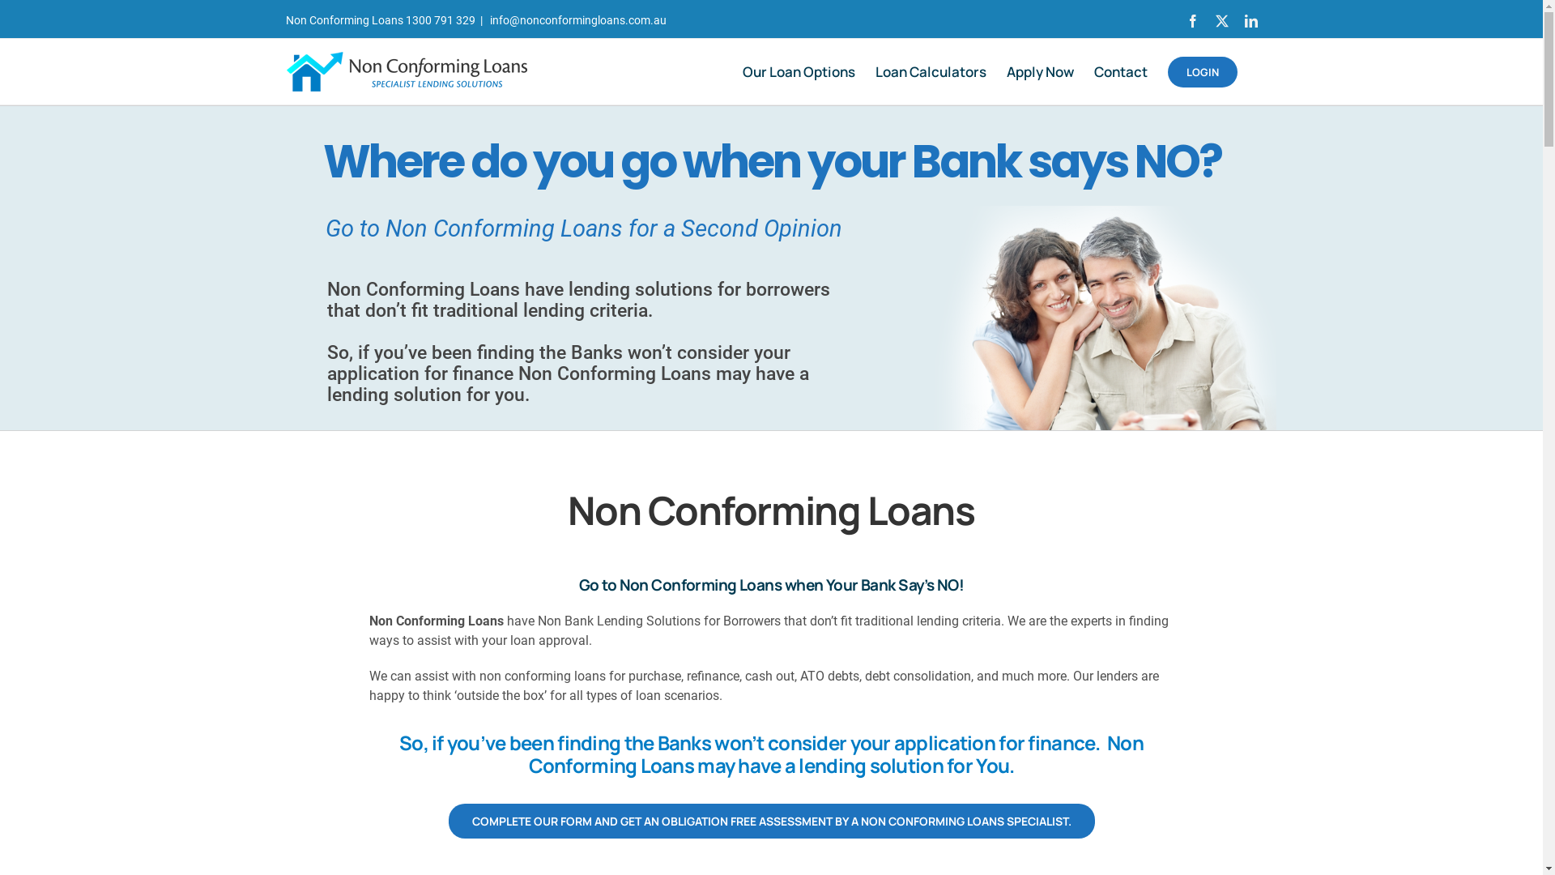 This screenshot has height=875, width=1555. I want to click on 'LinkedIn', so click(1250, 21).